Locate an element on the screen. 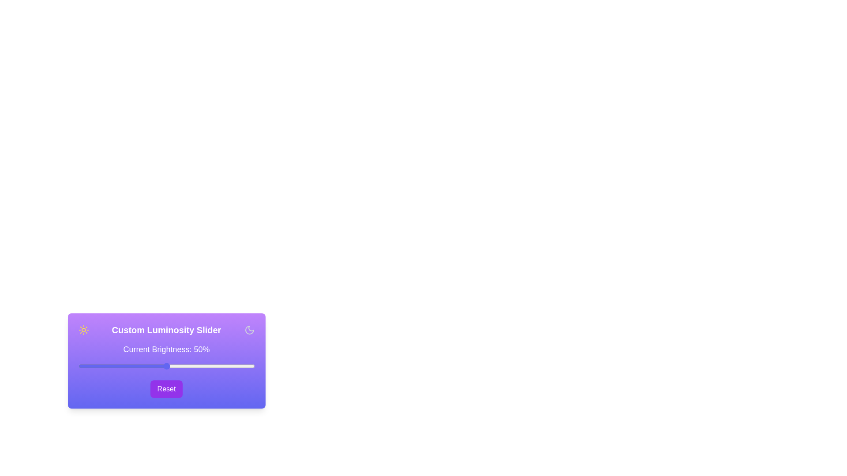 Image resolution: width=847 pixels, height=476 pixels. brightness is located at coordinates (92, 366).